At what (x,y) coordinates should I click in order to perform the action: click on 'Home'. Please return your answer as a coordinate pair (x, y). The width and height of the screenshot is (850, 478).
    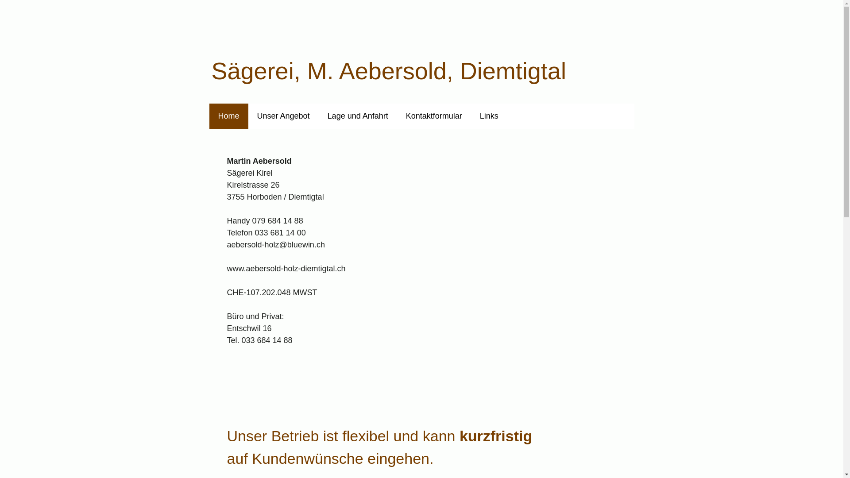
    Looking at the image, I should click on (228, 116).